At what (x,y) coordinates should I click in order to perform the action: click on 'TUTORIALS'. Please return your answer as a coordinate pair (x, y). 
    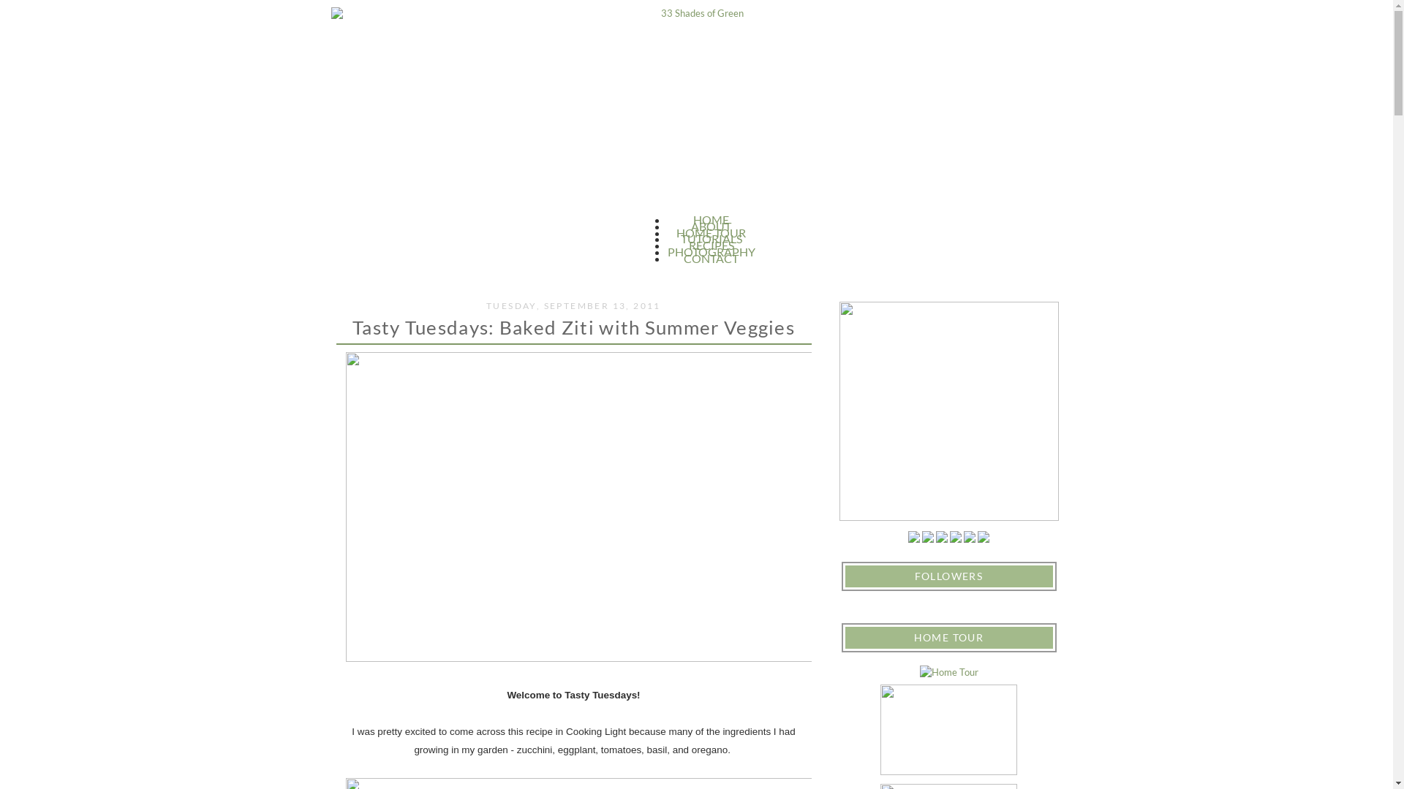
    Looking at the image, I should click on (679, 237).